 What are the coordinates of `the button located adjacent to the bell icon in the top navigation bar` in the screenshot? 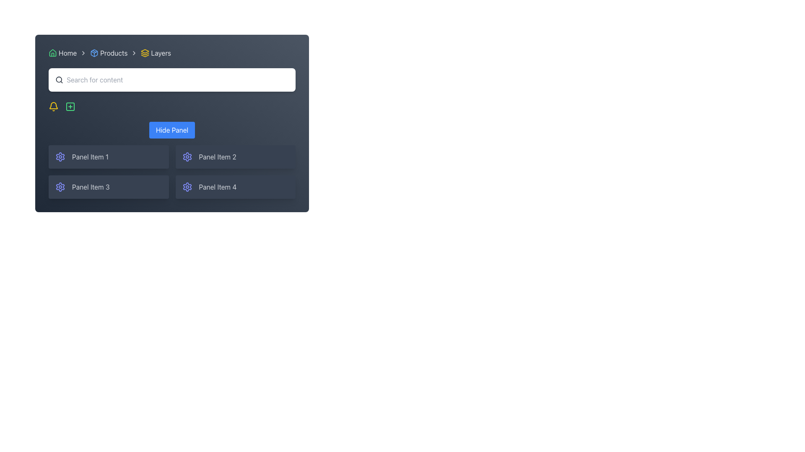 It's located at (70, 106).